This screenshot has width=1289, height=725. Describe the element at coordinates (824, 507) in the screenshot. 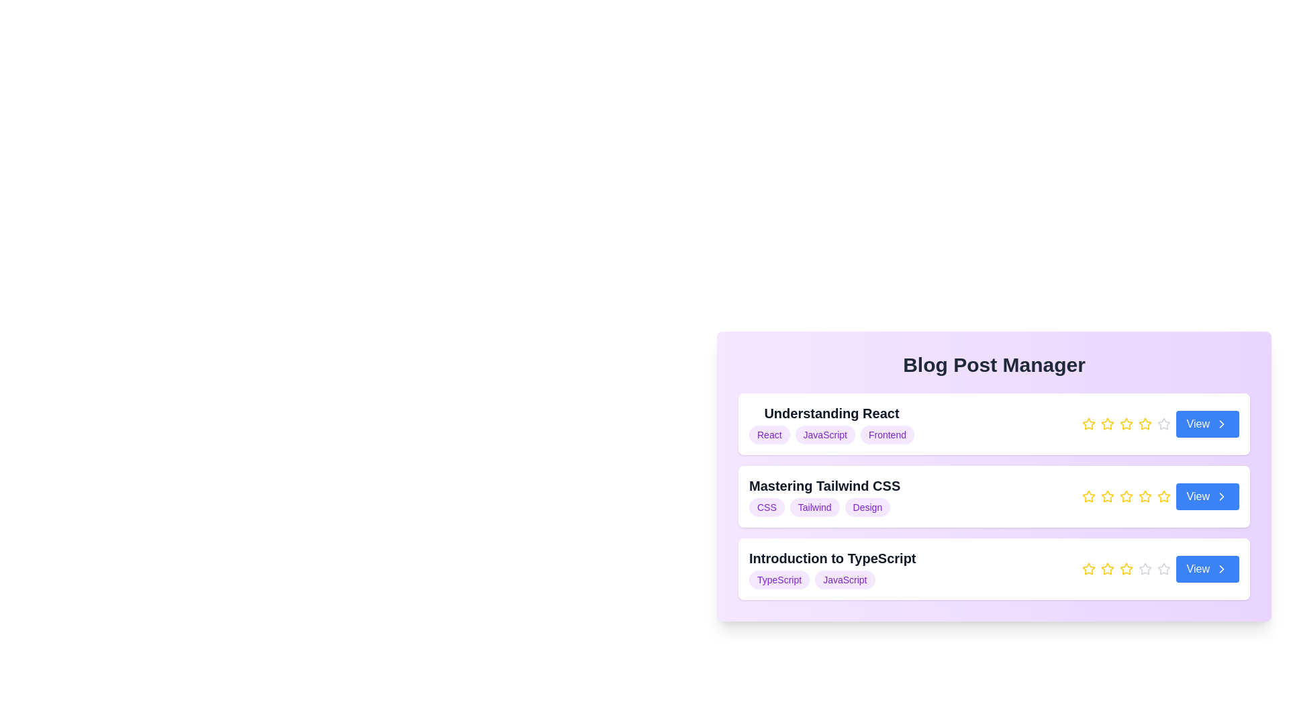

I see `each tag in the category group under 'Mastering Tailwind CSS' for possible interaction` at that location.